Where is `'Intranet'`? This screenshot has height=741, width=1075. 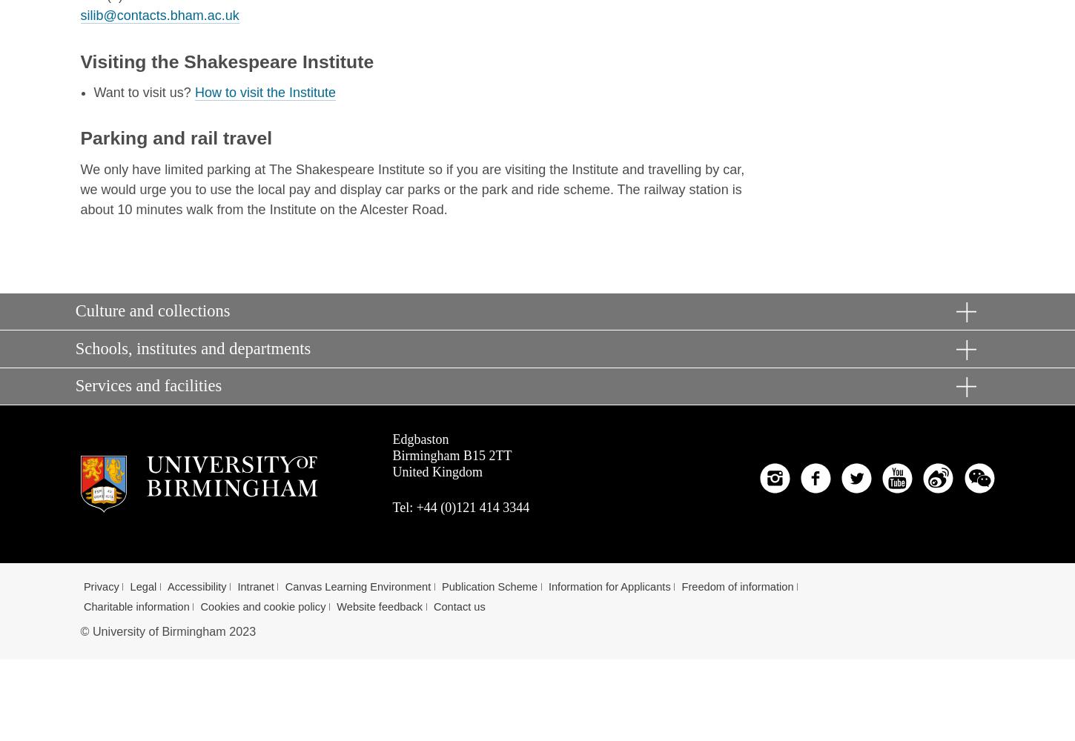
'Intranet' is located at coordinates (237, 586).